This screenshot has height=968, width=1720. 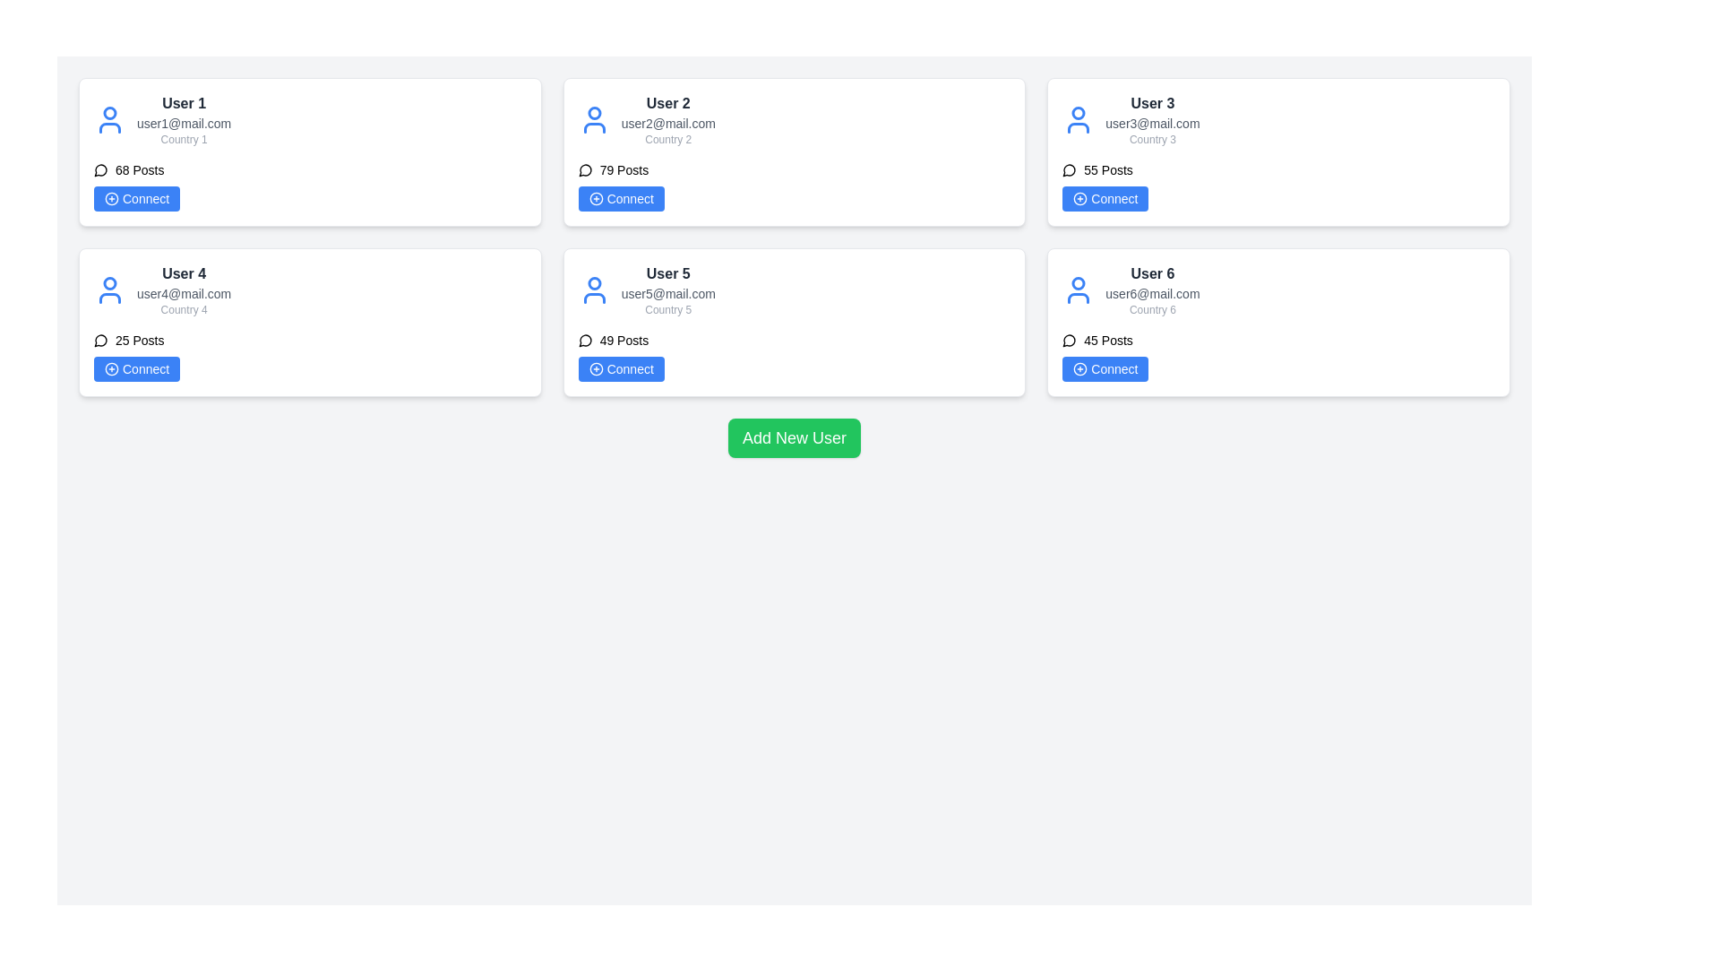 What do you see at coordinates (1152, 309) in the screenshot?
I see `the static text label 'Country 6' located in the lower right corner of the 'User 6' profile card, below the email label 'user6@mail.com'` at bounding box center [1152, 309].